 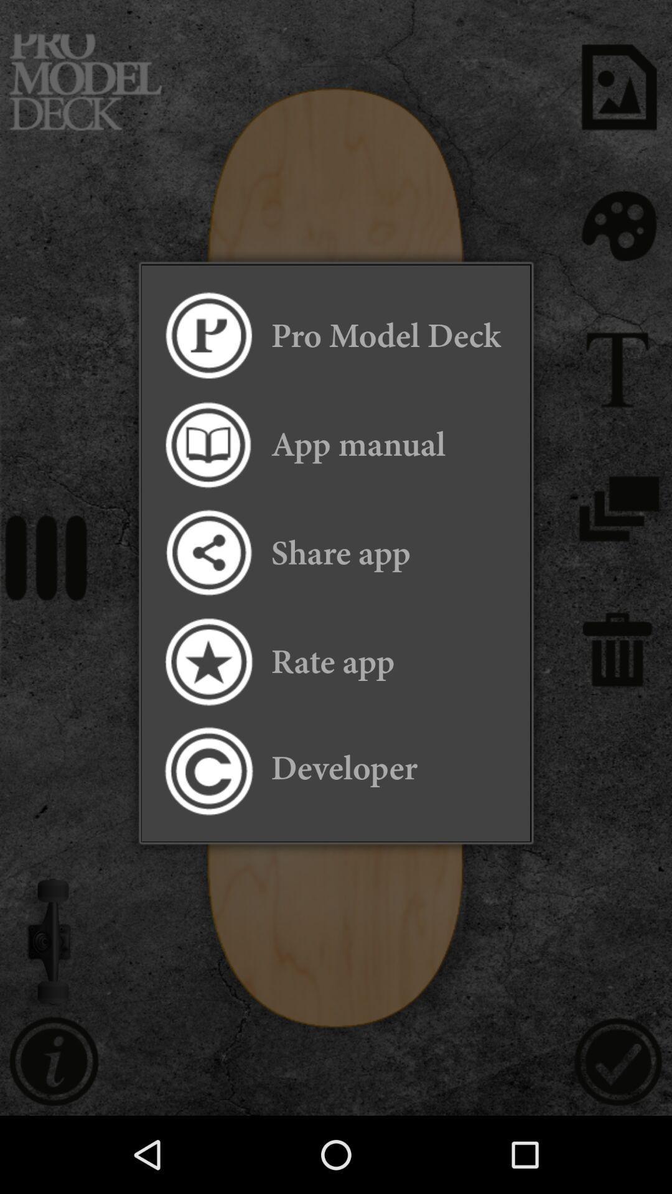 What do you see at coordinates (207, 445) in the screenshot?
I see `read how the app works` at bounding box center [207, 445].